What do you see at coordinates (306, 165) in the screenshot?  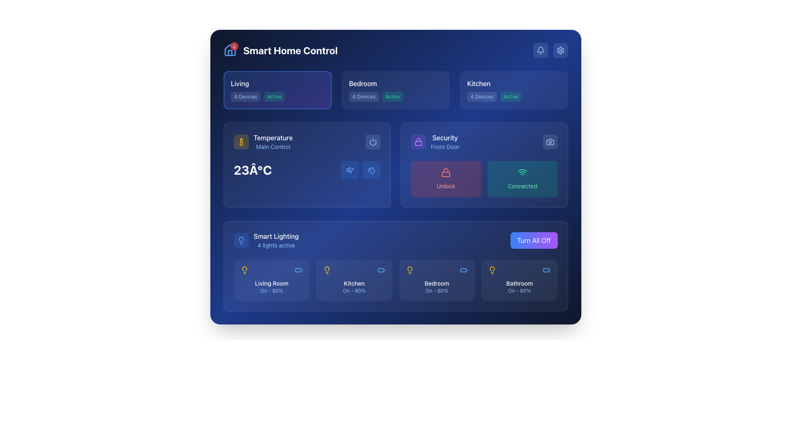 I see `the Dashboard card in the 'Smart Home Control' interface` at bounding box center [306, 165].